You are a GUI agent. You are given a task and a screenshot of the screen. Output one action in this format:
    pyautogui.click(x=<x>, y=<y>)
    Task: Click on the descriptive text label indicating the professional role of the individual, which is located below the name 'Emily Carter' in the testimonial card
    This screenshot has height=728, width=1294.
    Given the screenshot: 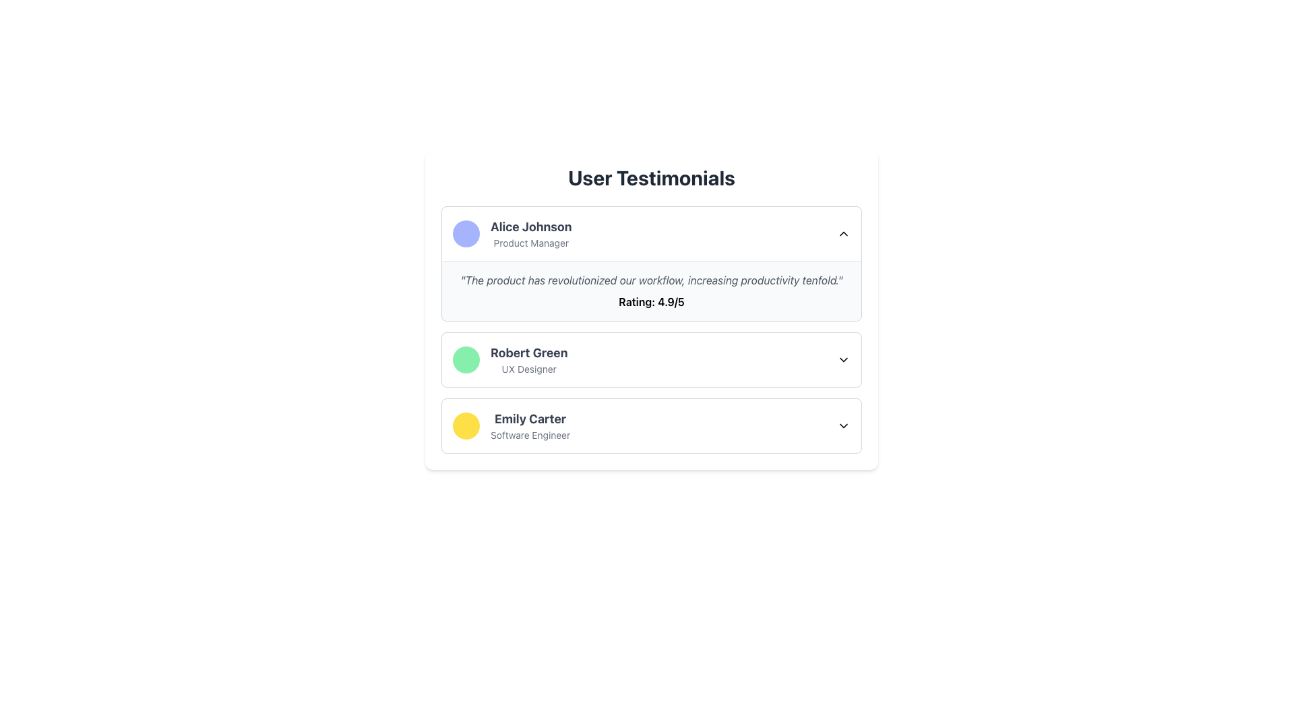 What is the action you would take?
    pyautogui.click(x=530, y=435)
    